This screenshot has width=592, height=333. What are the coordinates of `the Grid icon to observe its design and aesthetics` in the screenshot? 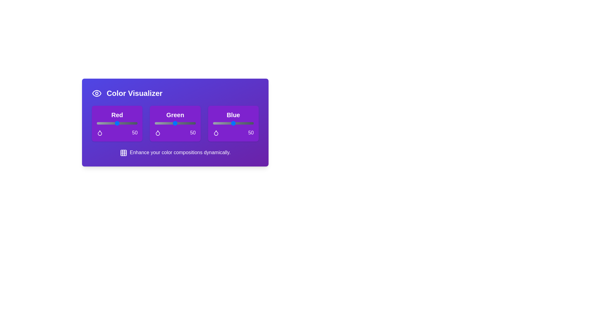 It's located at (123, 152).